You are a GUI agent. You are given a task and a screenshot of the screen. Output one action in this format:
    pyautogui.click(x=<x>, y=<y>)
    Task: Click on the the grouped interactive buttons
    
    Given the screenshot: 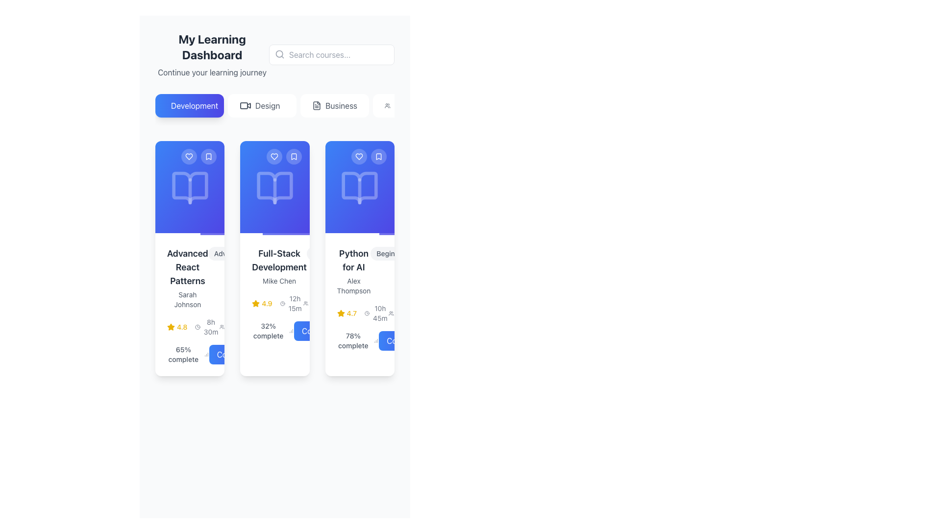 What is the action you would take?
    pyautogui.click(x=369, y=156)
    